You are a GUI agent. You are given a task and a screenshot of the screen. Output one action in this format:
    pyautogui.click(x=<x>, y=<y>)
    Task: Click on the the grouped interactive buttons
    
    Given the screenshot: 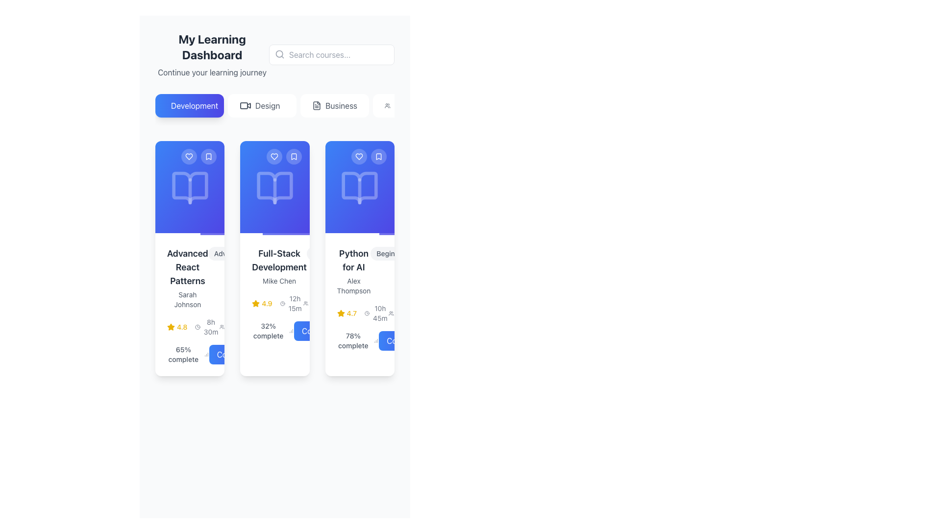 What is the action you would take?
    pyautogui.click(x=369, y=156)
    